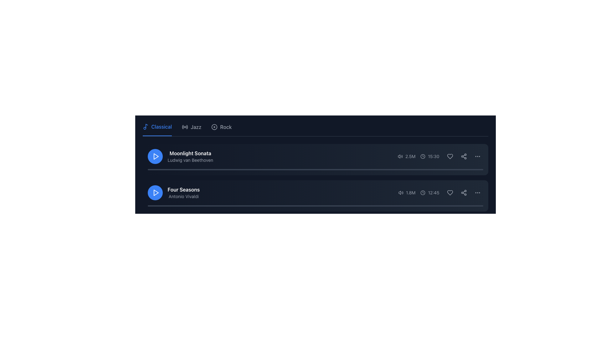 The width and height of the screenshot is (601, 338). What do you see at coordinates (190, 156) in the screenshot?
I see `the text element displaying 'Moonlight Sonata' by 'Ludwig van Beethoven'` at bounding box center [190, 156].